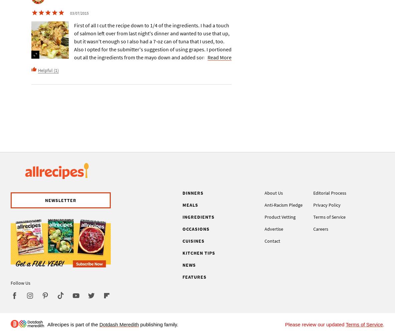  Describe the element at coordinates (152, 57) in the screenshot. I see `'First of all I cut the recipe down to 1/4 of the ingredients.  I had a touch of salmon left over from last night's dinner and wanted to use that up, but it wasn't enough so I also had a 7-oz can of tuna that I used, too.  Also I opted for the submitter's suggestion of using grapes.  I portioned out all the ingredients from the mayo down and added some to the salmon and the rest to the tuna for our lunch today.  Both were good, though my husband preferred the mix with the tuna.  This is a nice take of the protein salad mixes that are out there.  I would make this again!  Thanks for our lunch, CARLISFAMILY!'` at that location.